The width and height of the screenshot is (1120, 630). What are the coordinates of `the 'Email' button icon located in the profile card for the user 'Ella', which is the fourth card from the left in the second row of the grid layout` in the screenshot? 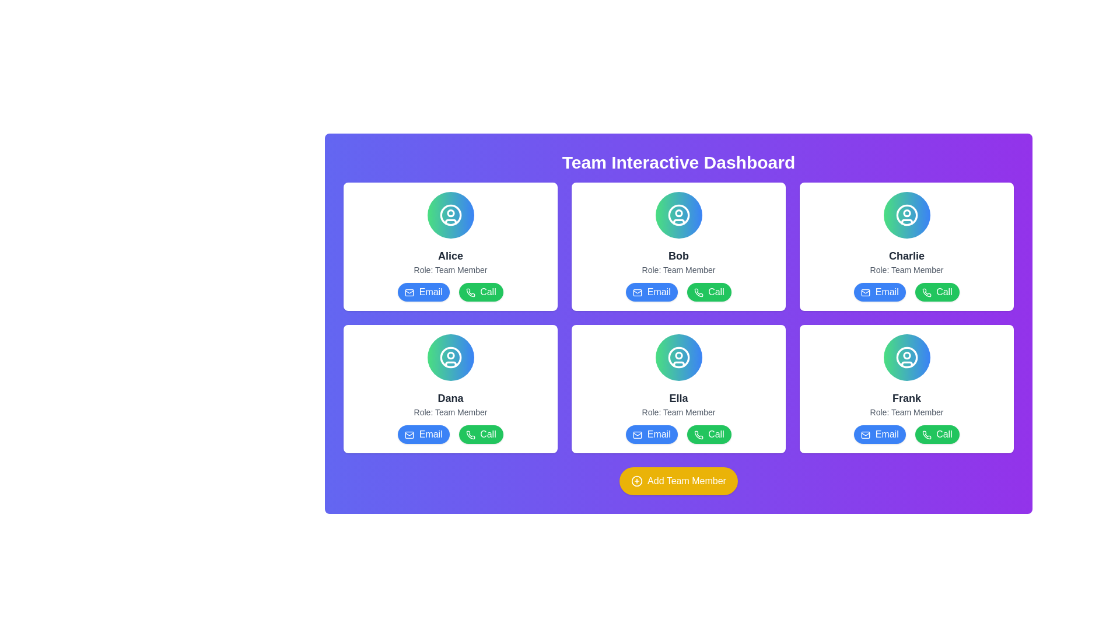 It's located at (637, 435).